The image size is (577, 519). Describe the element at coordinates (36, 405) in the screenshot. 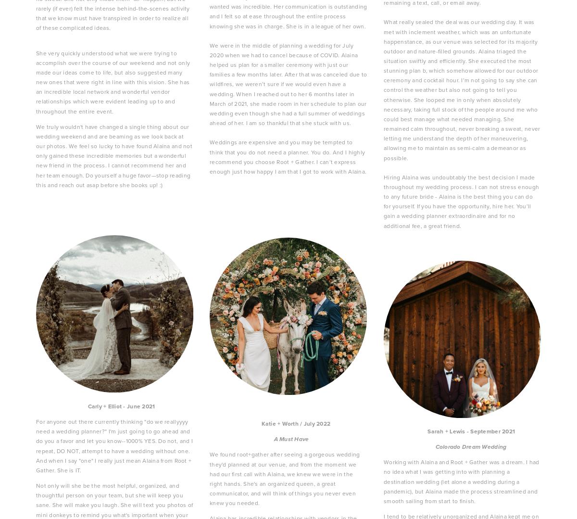

I see `'Carly + Elliot - June 2021'` at that location.